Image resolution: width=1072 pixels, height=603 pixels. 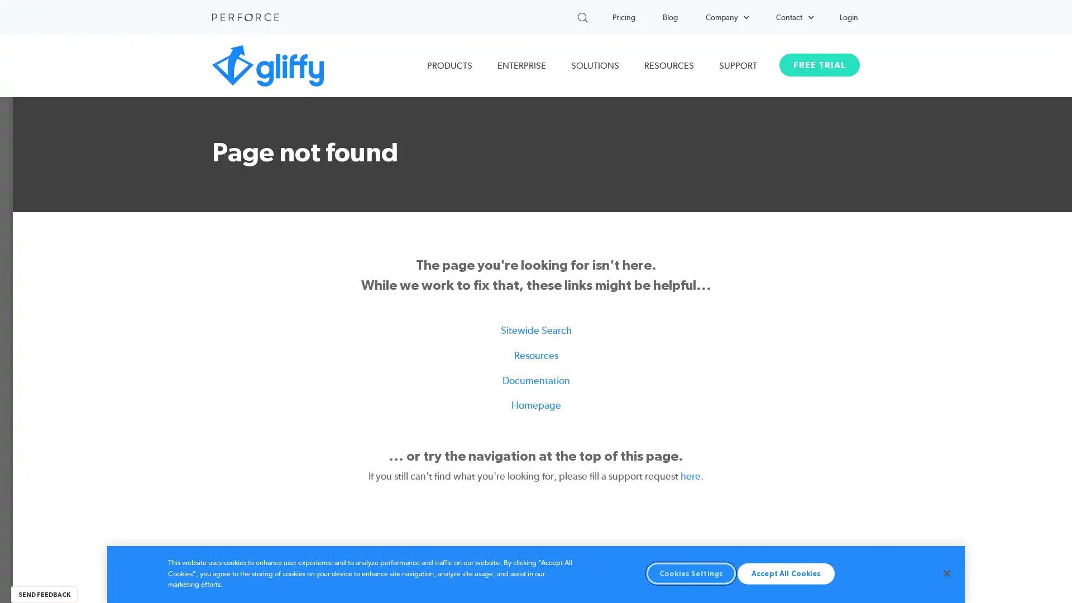 What do you see at coordinates (610, 15) in the screenshot?
I see `Search` at bounding box center [610, 15].